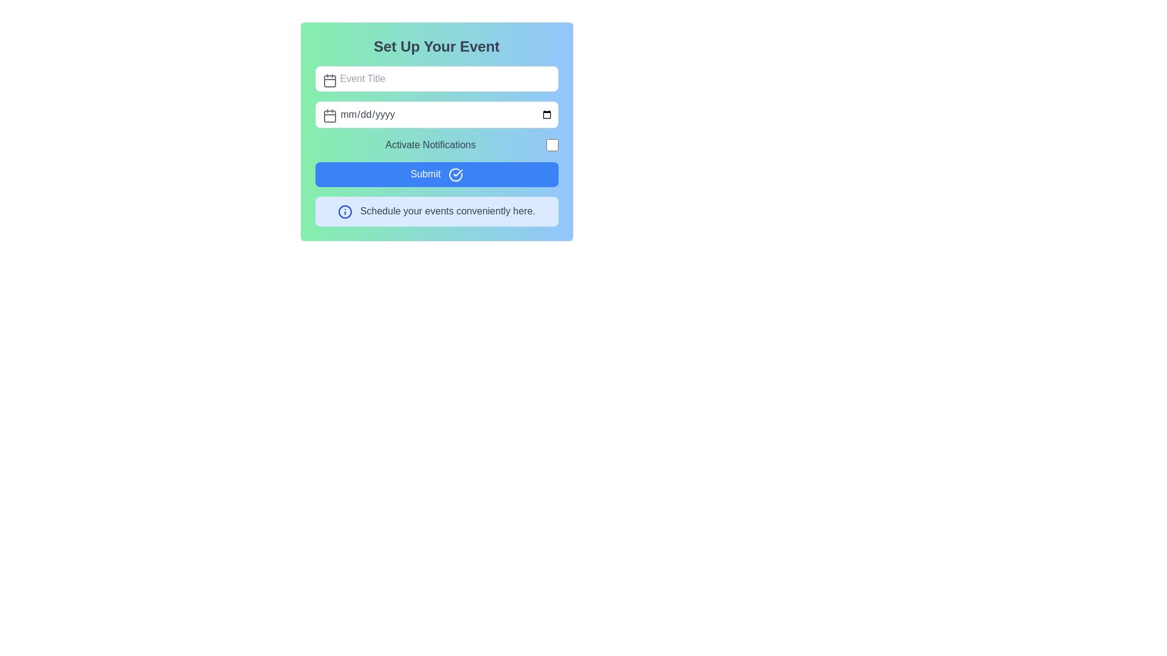  What do you see at coordinates (329, 81) in the screenshot?
I see `the rectangular SVG element resembling part of a calendar icon, located near the top-left corner of the event title input field` at bounding box center [329, 81].